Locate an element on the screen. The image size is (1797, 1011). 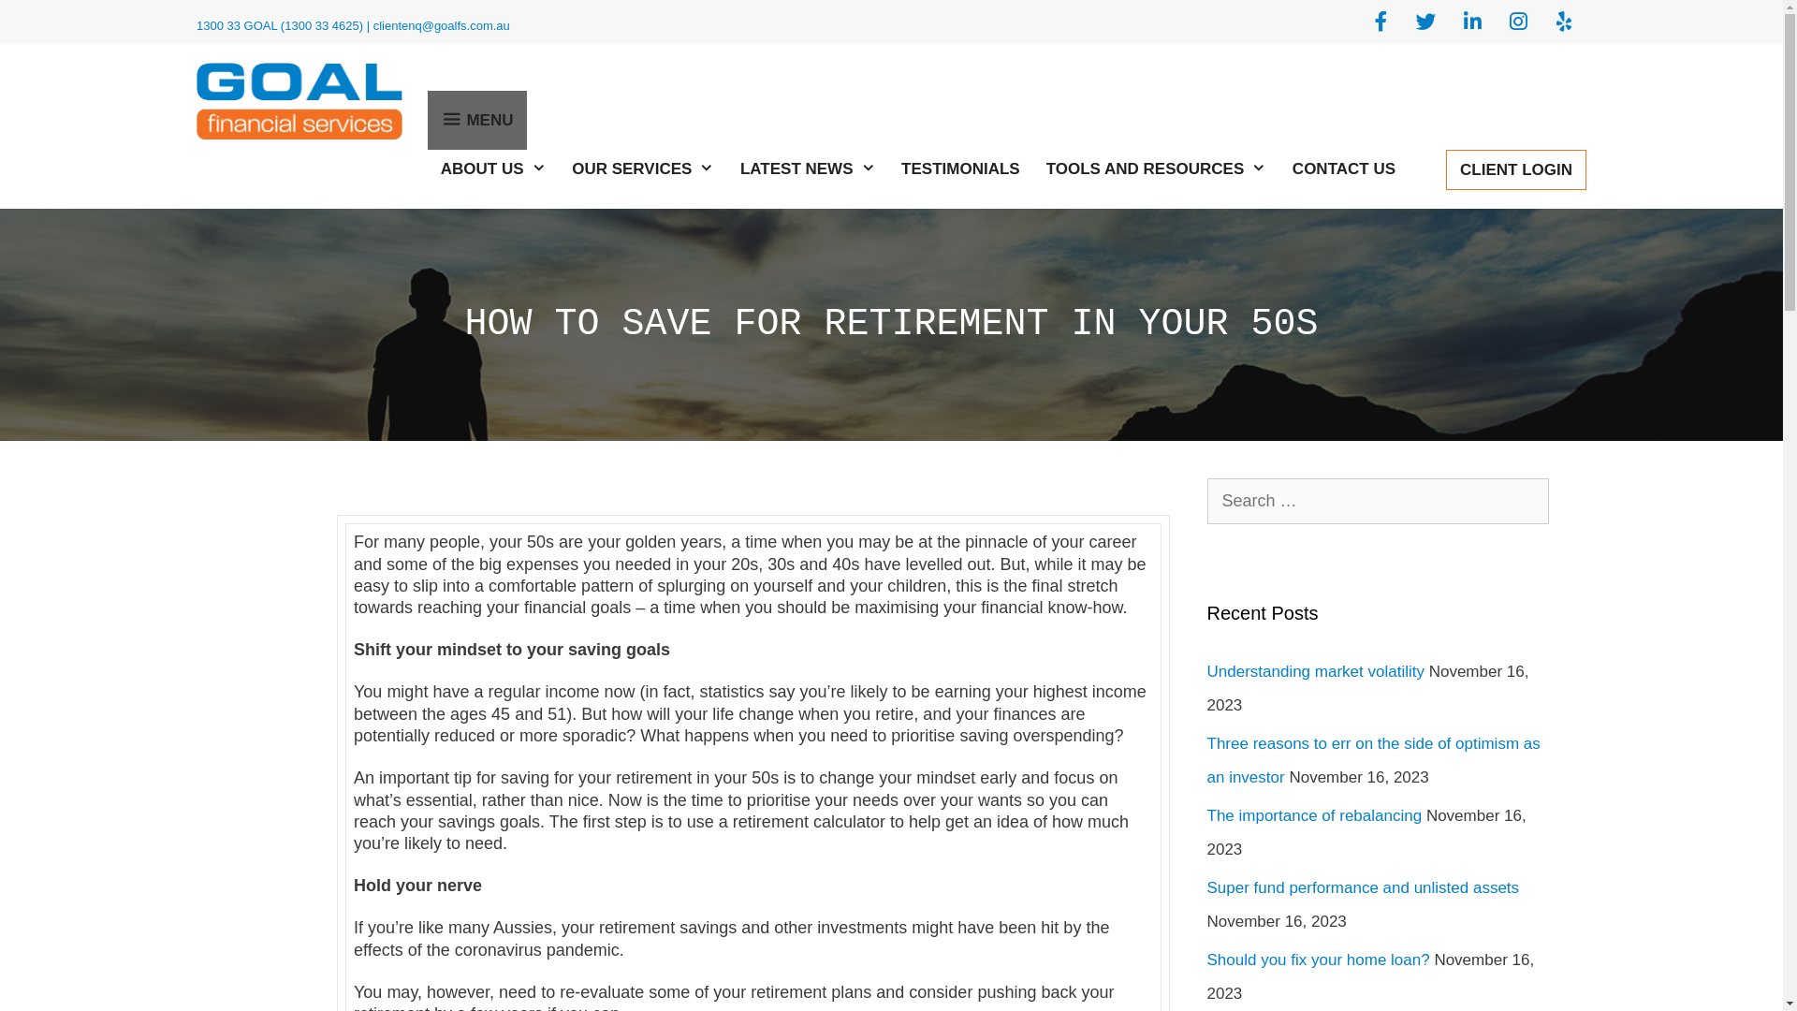
'TOOLS AND RESOURCES' is located at coordinates (1155, 168).